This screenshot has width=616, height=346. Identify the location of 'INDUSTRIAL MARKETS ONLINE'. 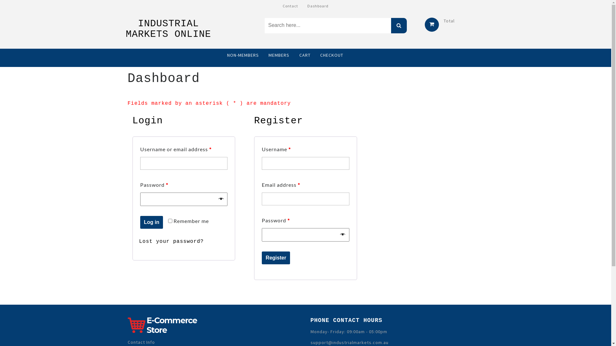
(126, 29).